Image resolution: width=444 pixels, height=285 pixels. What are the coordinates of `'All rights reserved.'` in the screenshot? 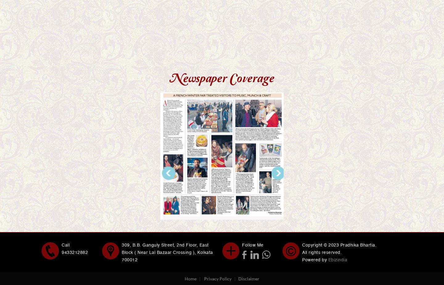 It's located at (322, 252).